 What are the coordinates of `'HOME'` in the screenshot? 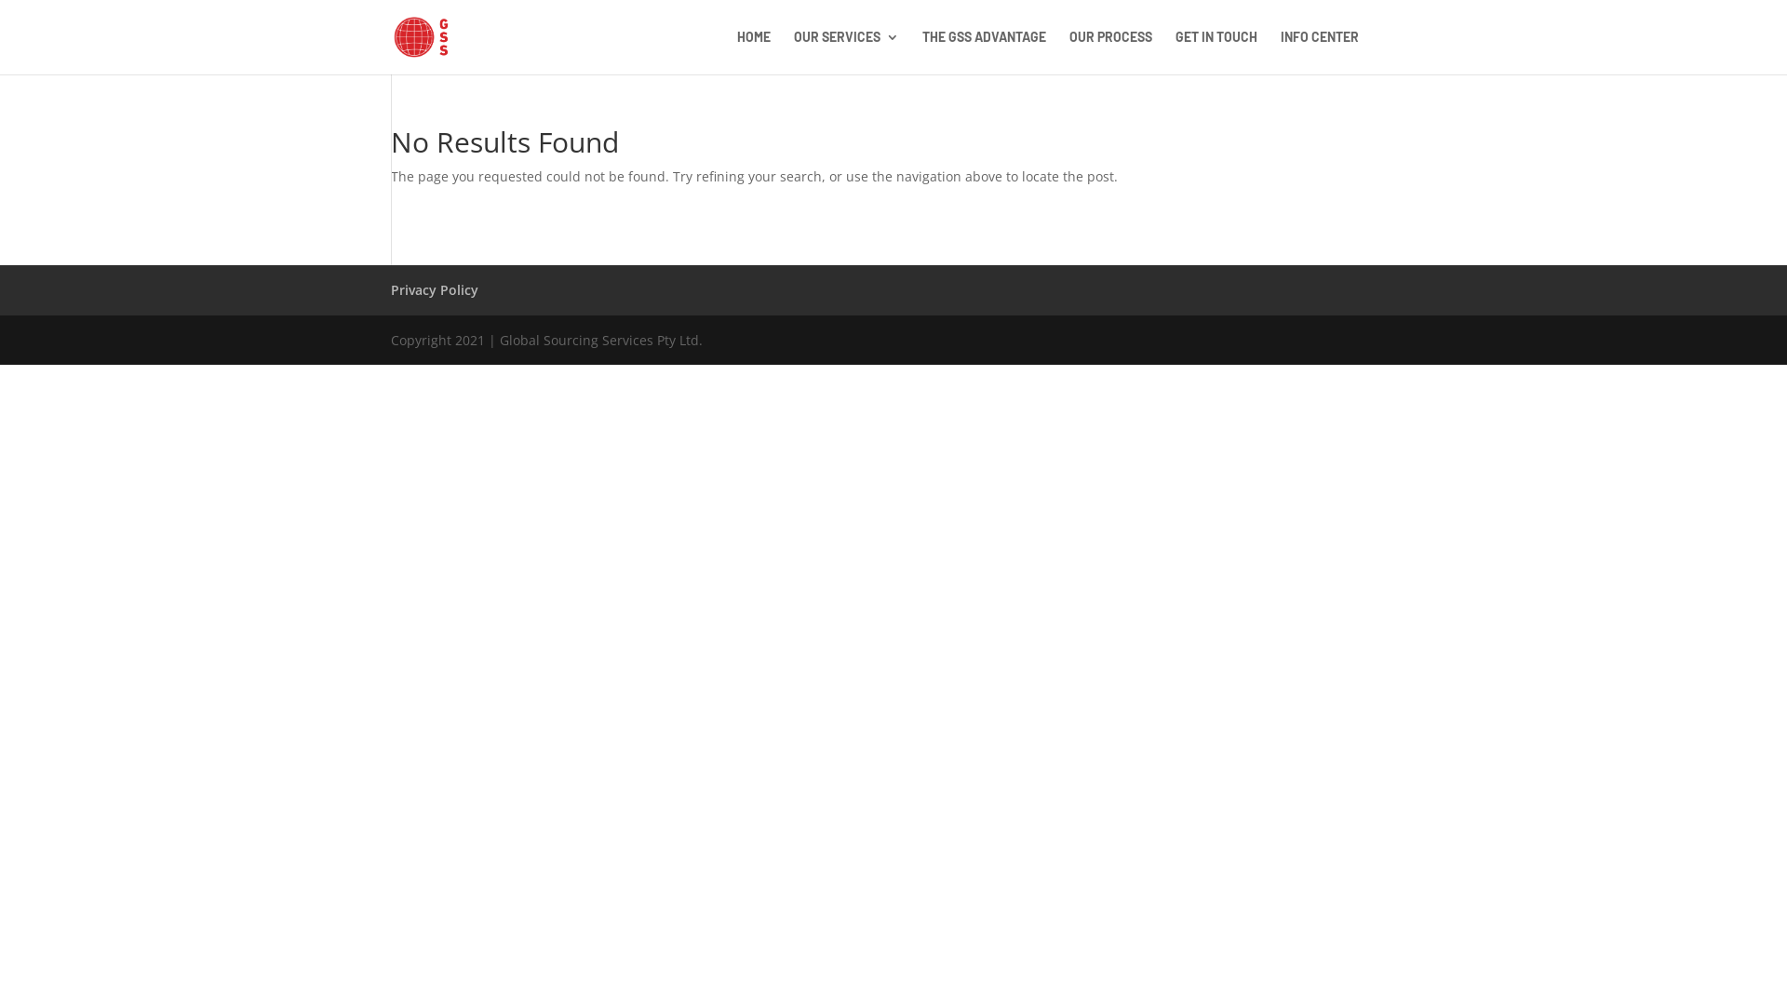 It's located at (736, 51).